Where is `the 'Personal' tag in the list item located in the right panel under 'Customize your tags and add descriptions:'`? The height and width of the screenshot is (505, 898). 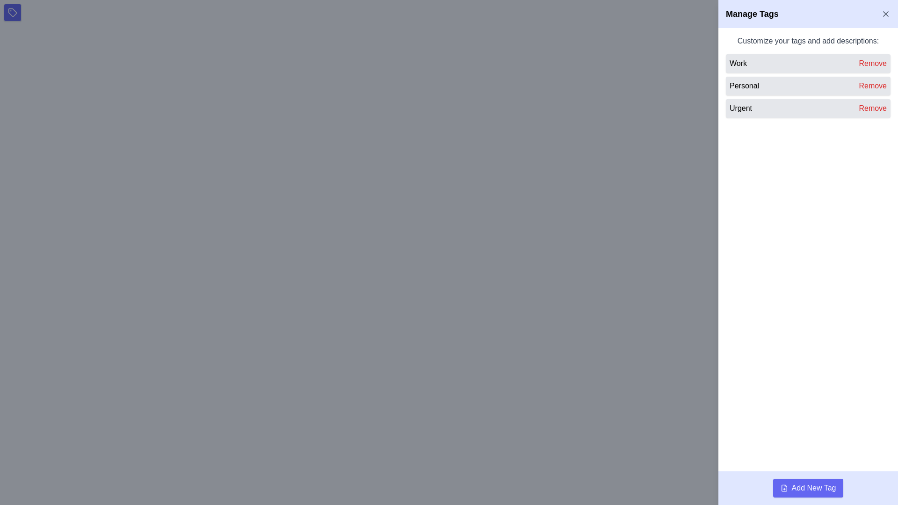
the 'Personal' tag in the list item located in the right panel under 'Customize your tags and add descriptions:' is located at coordinates (808, 86).